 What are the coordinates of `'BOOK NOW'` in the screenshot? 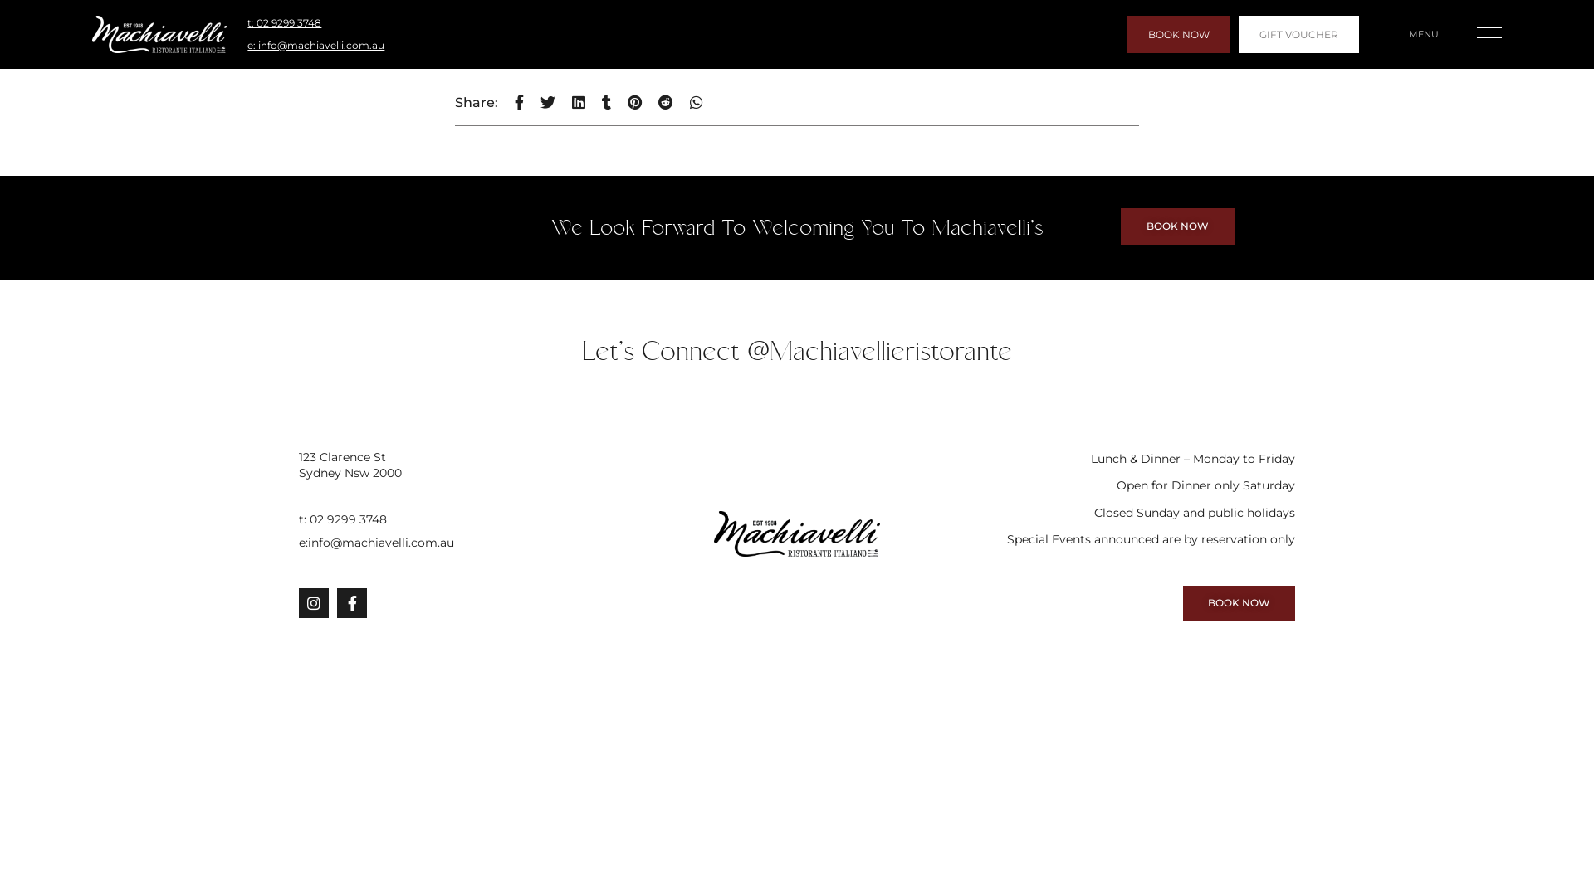 It's located at (1239, 602).